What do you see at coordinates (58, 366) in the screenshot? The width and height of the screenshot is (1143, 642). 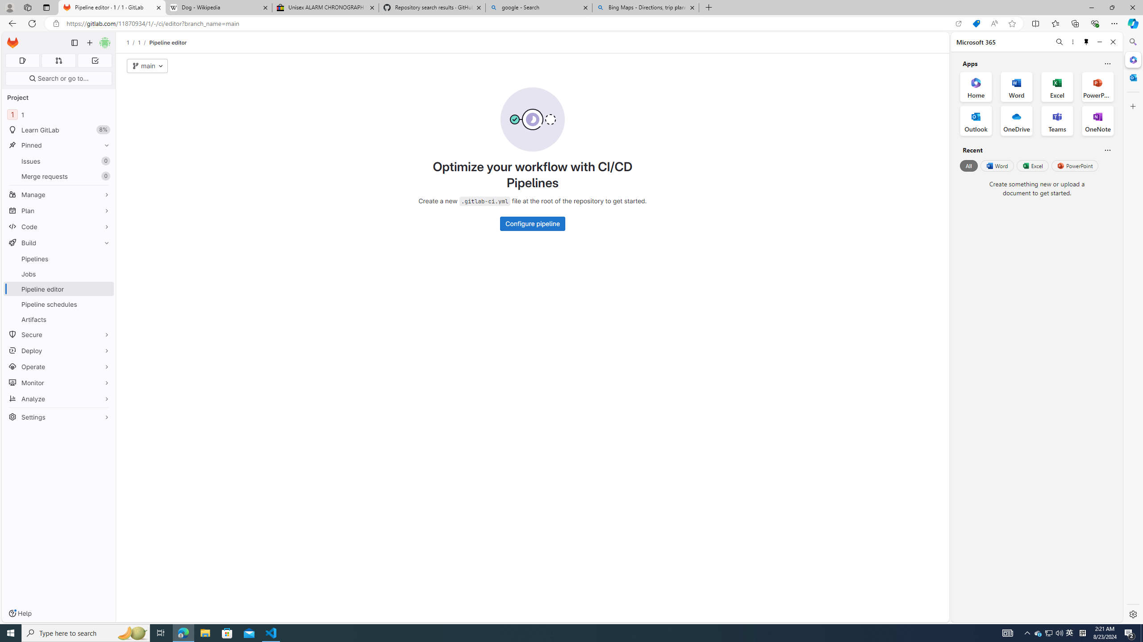 I see `'Operate'` at bounding box center [58, 366].